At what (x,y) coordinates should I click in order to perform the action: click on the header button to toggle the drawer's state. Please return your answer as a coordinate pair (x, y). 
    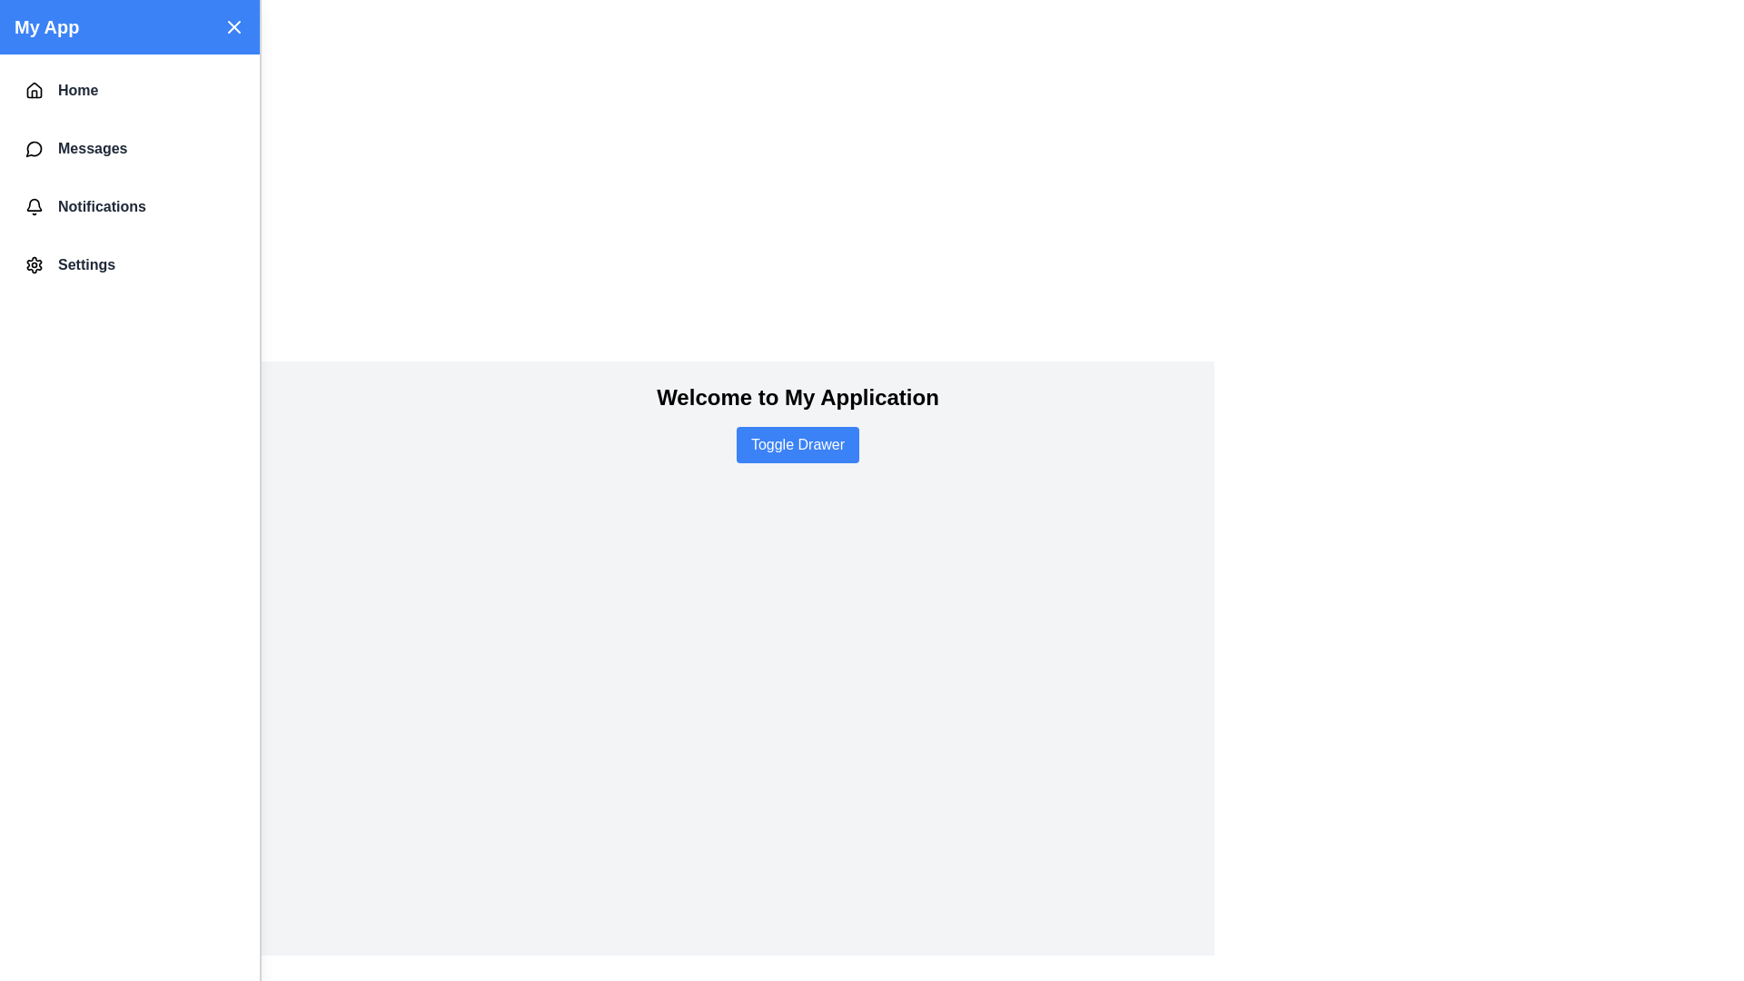
    Looking at the image, I should click on (233, 27).